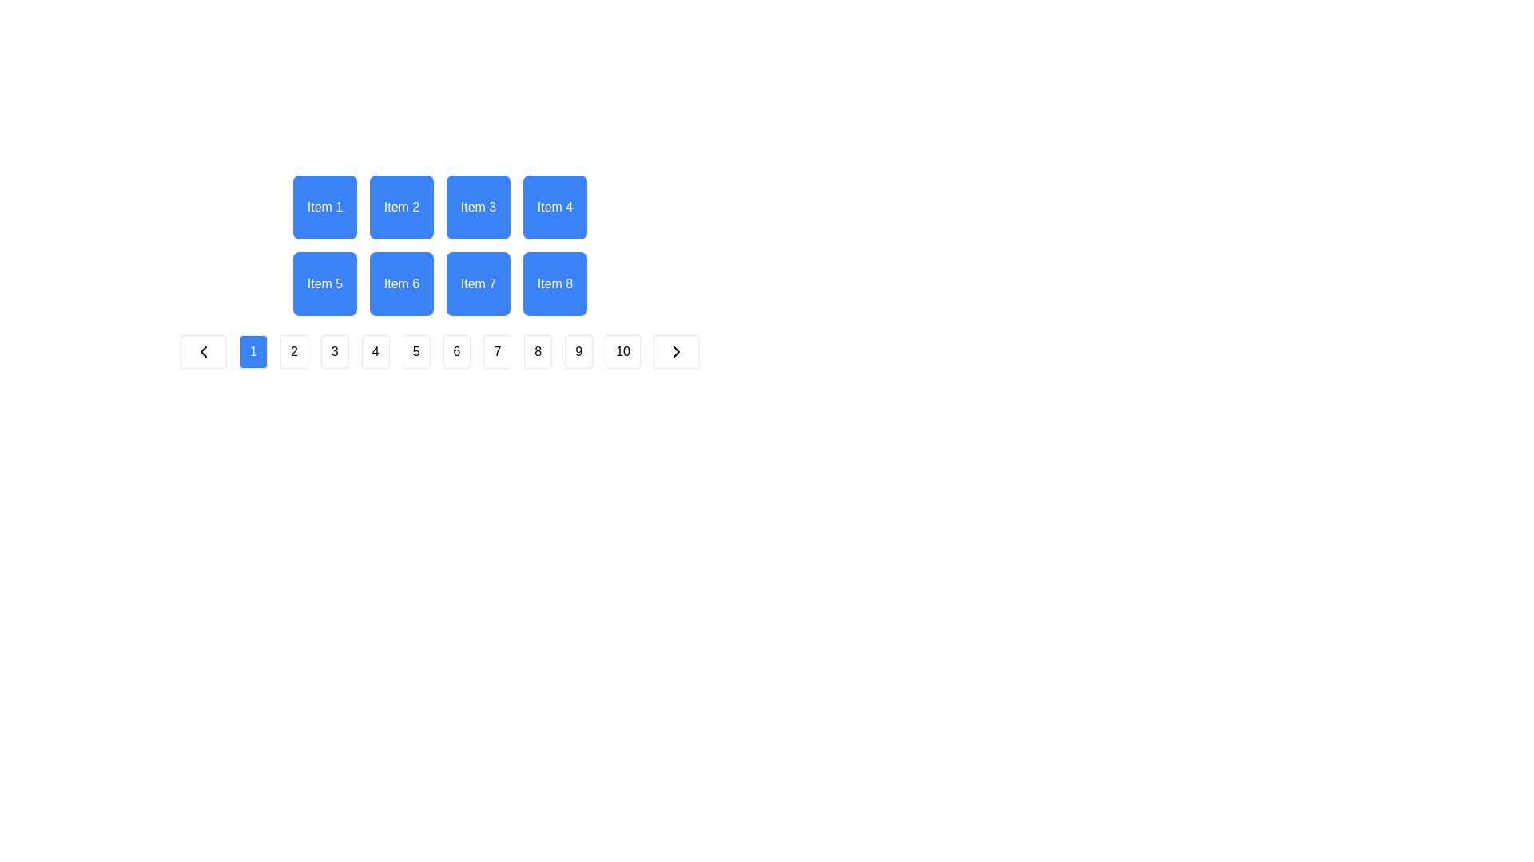  Describe the element at coordinates (676, 350) in the screenshot. I see `the pagination button located to the far right of the numeric buttons following button '10'` at that location.